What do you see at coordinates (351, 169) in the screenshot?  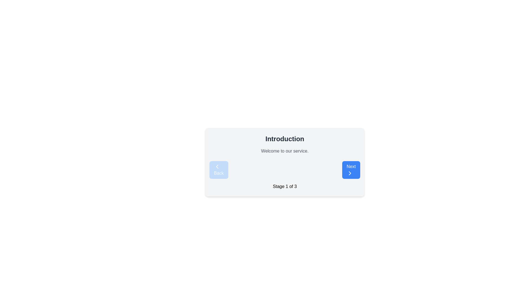 I see `the blue button with rounded corners labeled 'Next' to proceed` at bounding box center [351, 169].